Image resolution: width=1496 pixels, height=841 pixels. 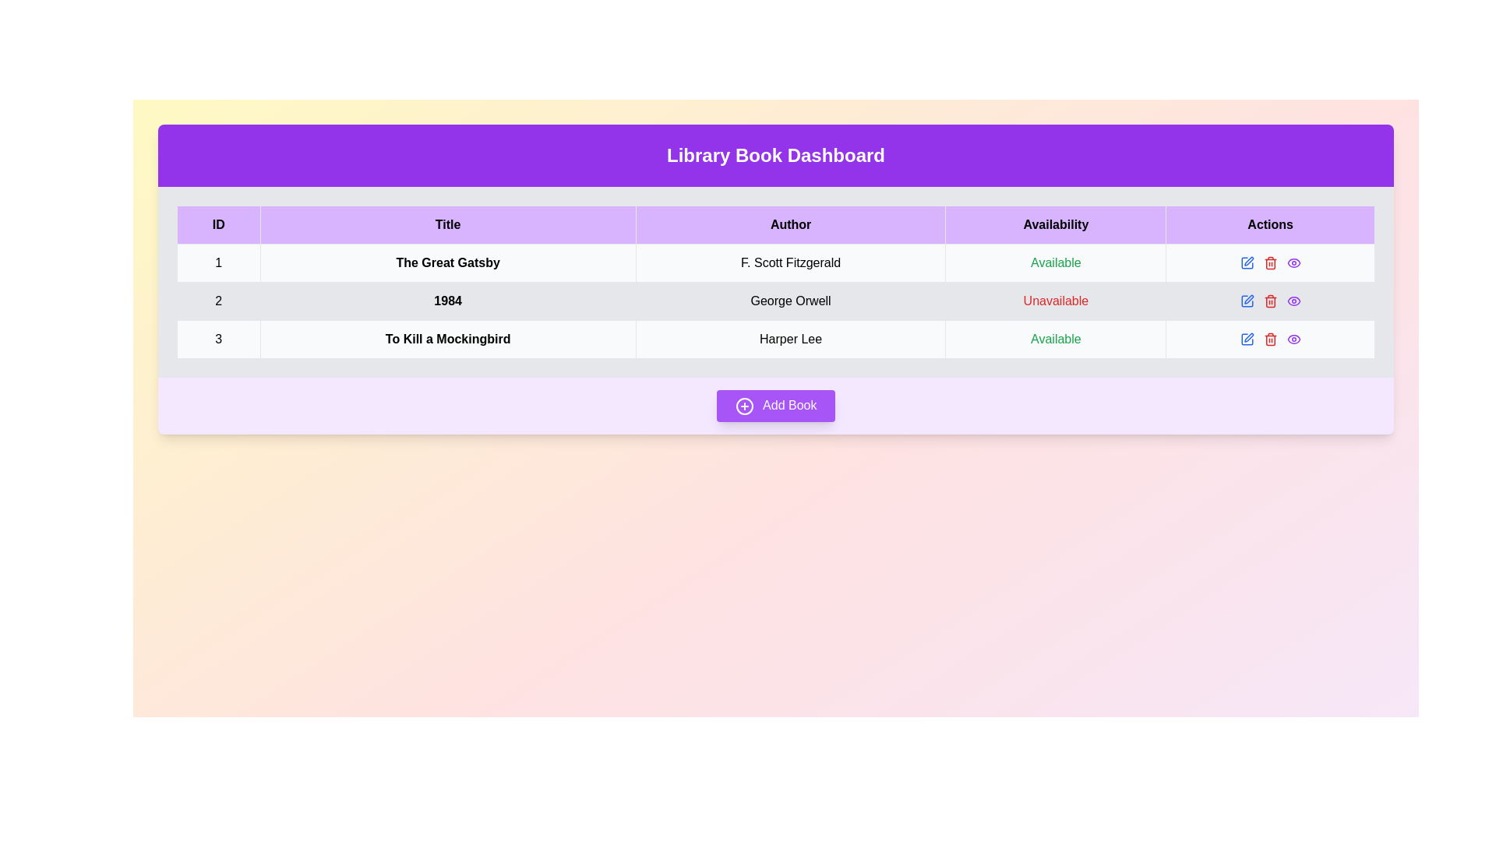 I want to click on the edit icon located in the 'Actions' column of the table for the book titled '1984', so click(x=1247, y=301).